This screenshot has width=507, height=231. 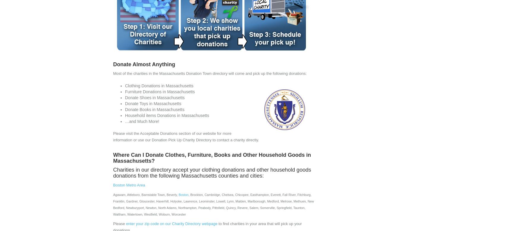 I want to click on 'Donate Almost Anything', so click(x=144, y=64).